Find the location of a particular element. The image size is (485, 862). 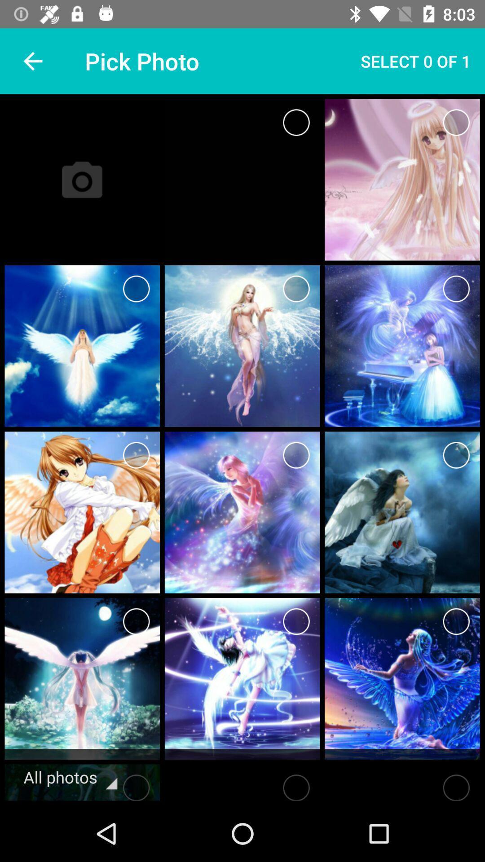

item to the left of pick photo item is located at coordinates (32, 61).